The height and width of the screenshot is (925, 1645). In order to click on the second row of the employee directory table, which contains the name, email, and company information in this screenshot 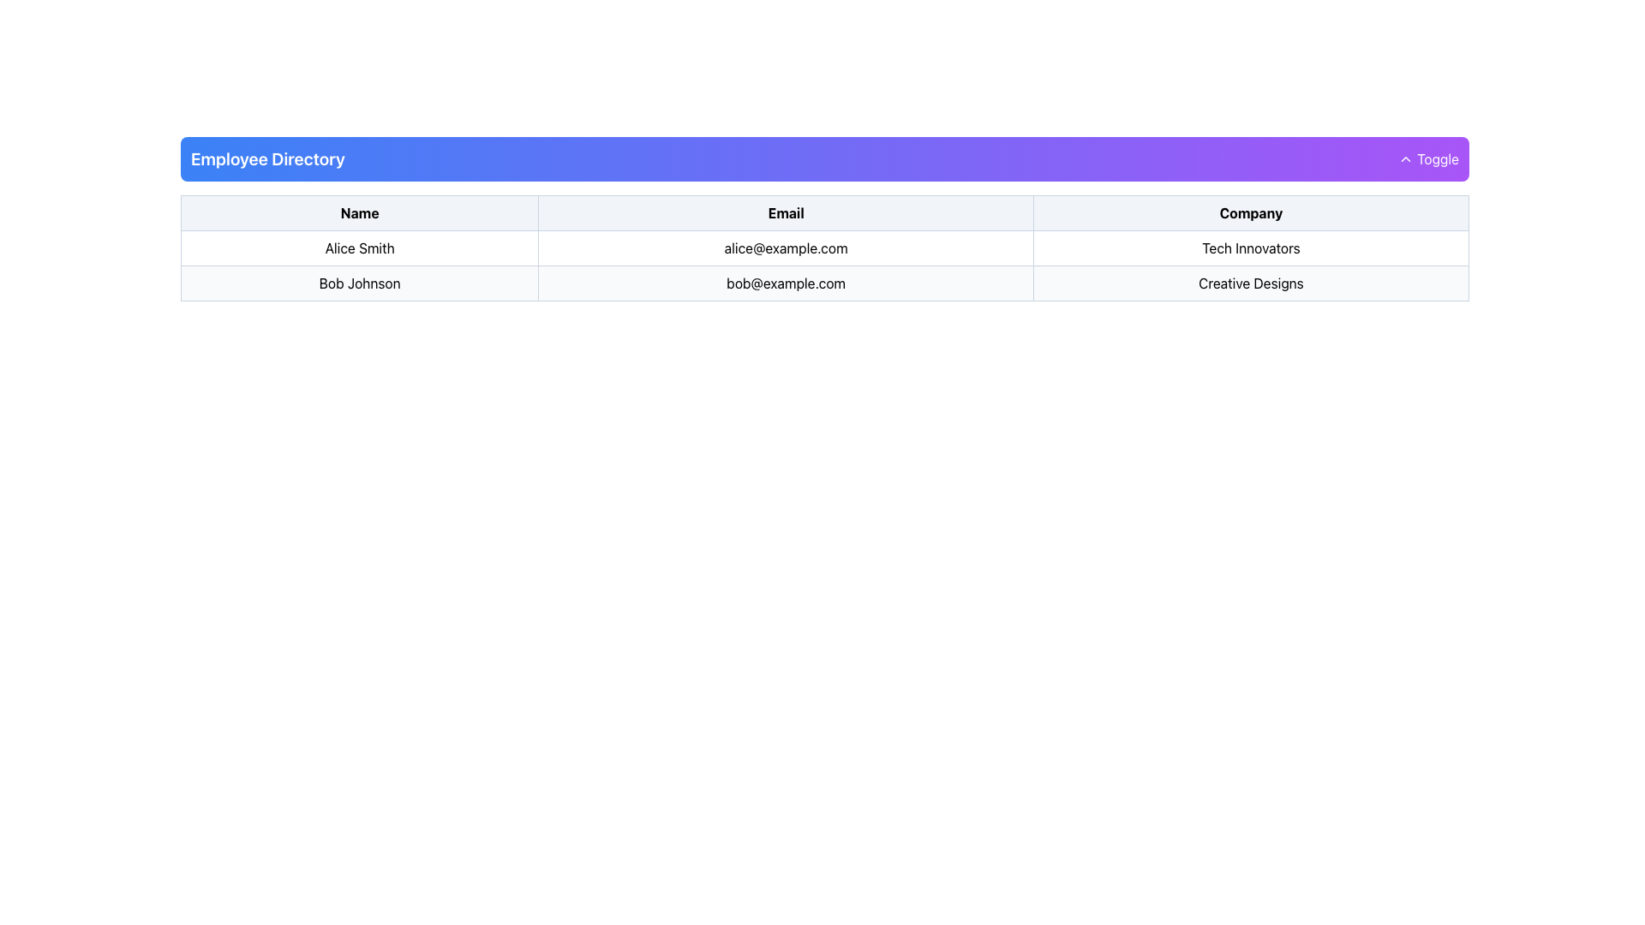, I will do `click(825, 283)`.